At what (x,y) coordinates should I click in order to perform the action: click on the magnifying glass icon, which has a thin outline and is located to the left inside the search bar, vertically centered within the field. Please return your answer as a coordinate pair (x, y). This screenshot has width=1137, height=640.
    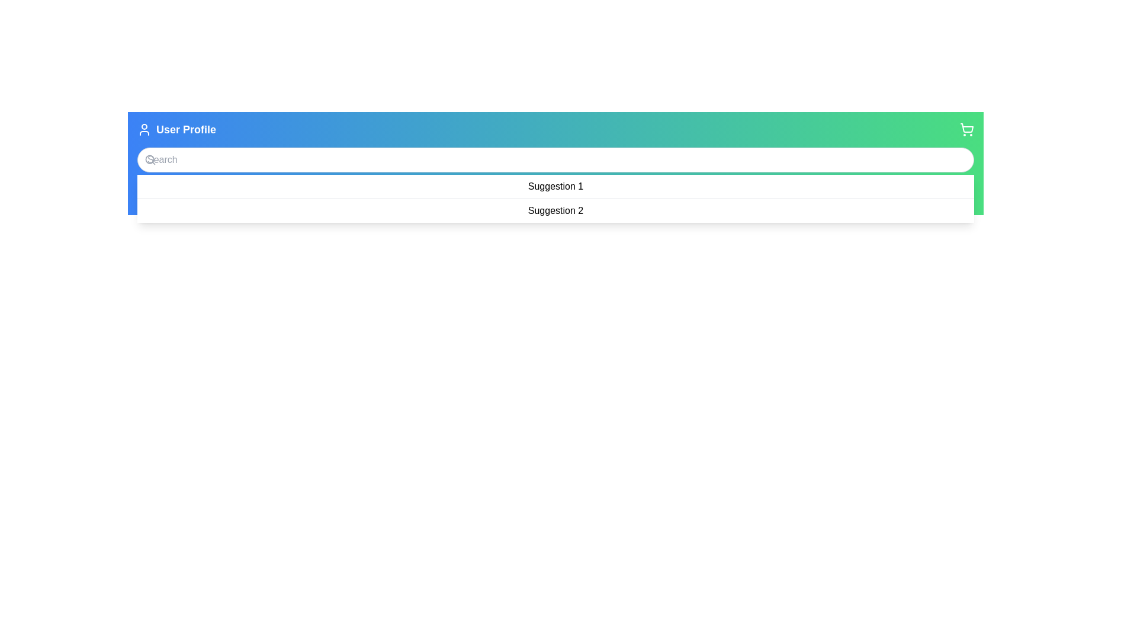
    Looking at the image, I should click on (150, 160).